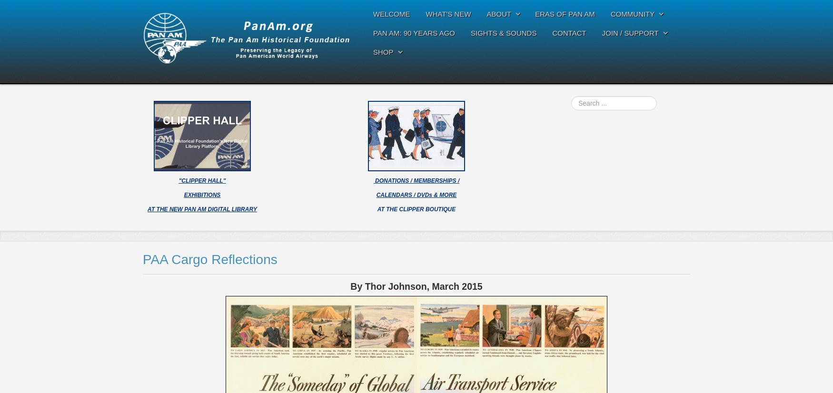 The image size is (833, 393). I want to click on 'PAA Cargo Reflections', so click(210, 259).